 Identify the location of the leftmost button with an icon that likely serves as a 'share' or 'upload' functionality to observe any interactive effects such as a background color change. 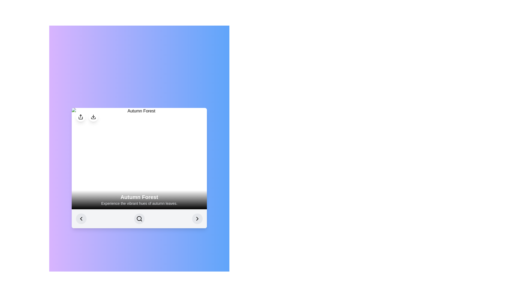
(80, 117).